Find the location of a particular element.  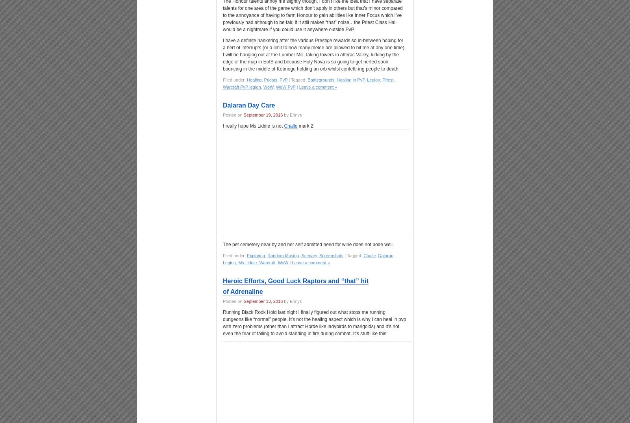

'Battlegrounds' is located at coordinates (321, 80).